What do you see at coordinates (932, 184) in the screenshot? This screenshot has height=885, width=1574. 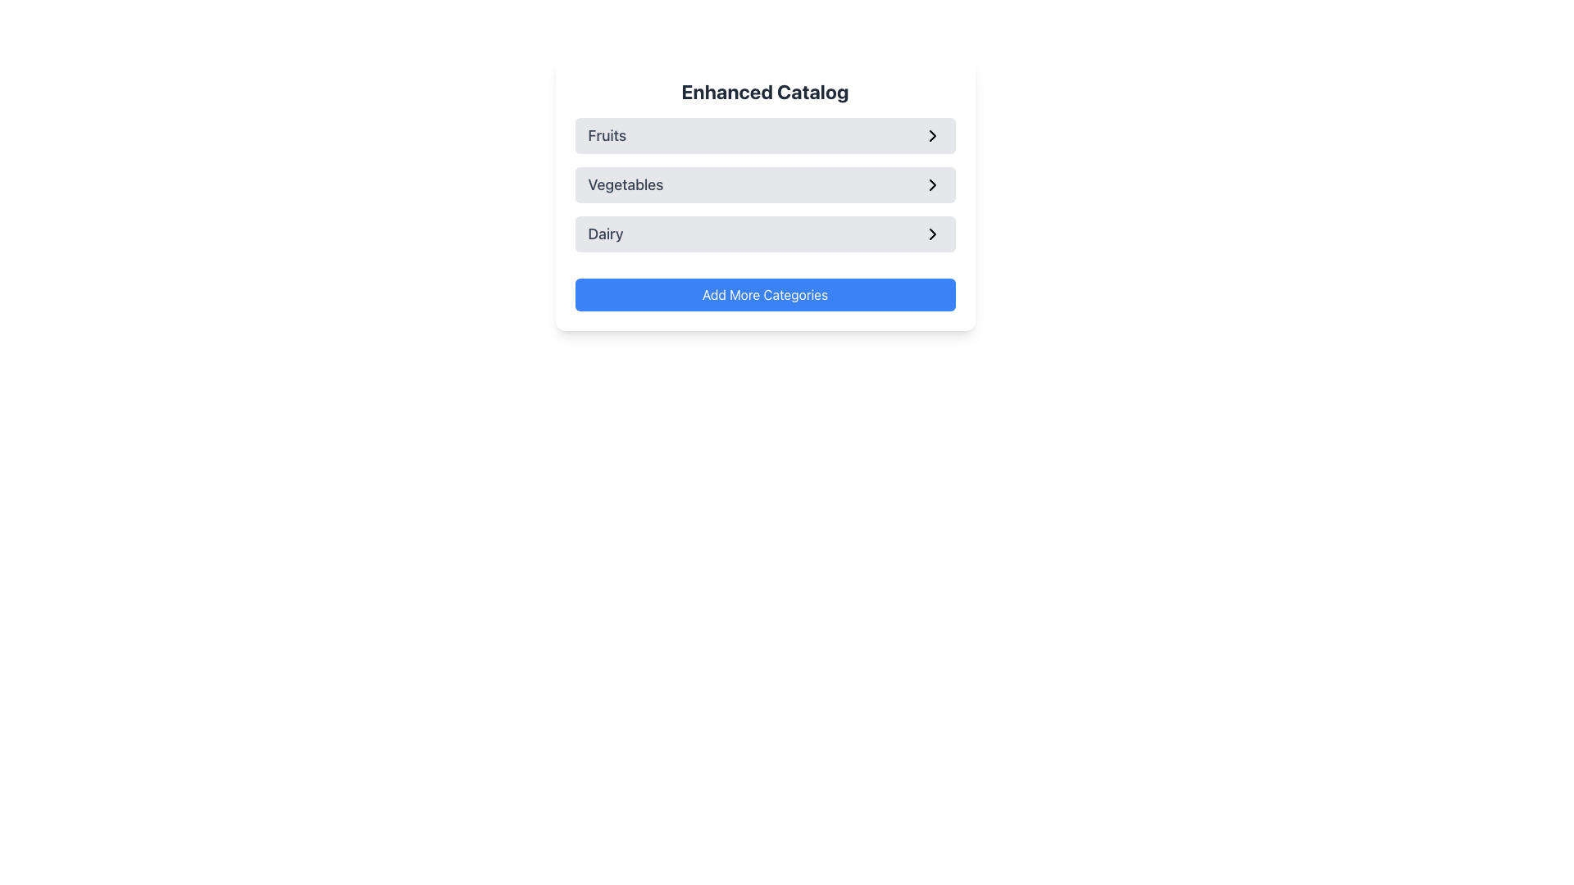 I see `the right-chevron icon aligned with the 'Vegetables' list item` at bounding box center [932, 184].